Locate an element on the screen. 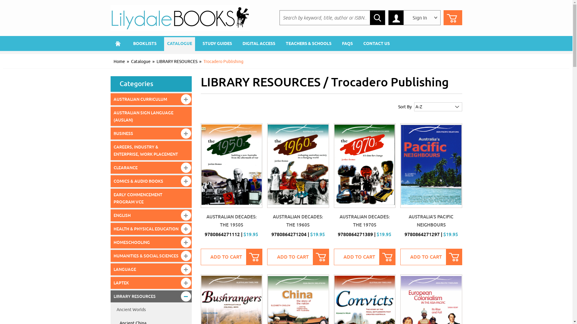 This screenshot has height=324, width=577. 'FAQS' is located at coordinates (347, 43).